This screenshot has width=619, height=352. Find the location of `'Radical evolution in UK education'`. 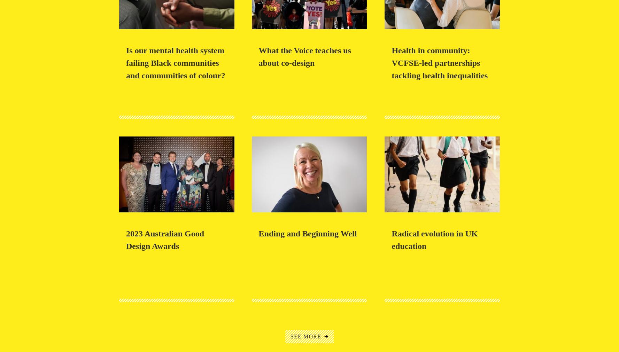

'Radical evolution in UK education' is located at coordinates (434, 239).